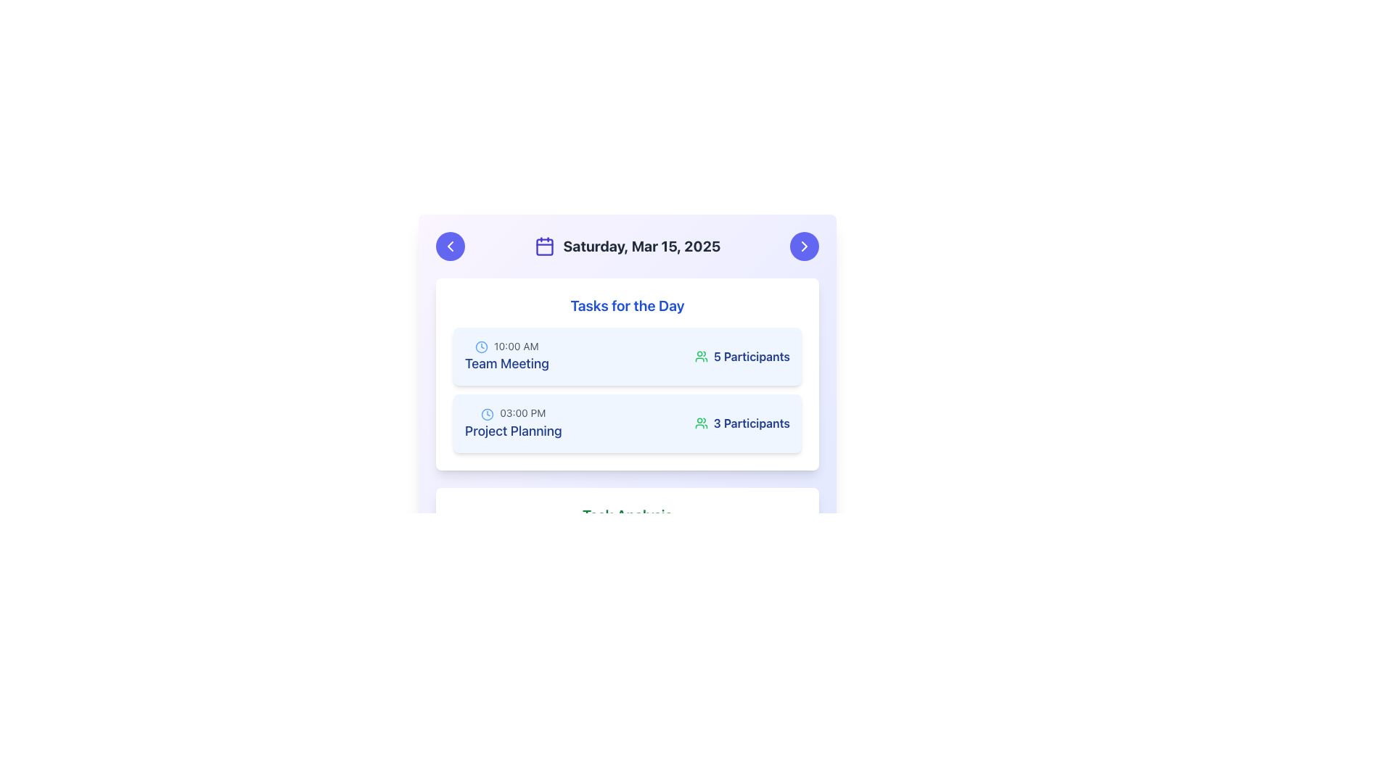  I want to click on the informational text element that serves as a title for 'Task Analysis', so click(627, 513).